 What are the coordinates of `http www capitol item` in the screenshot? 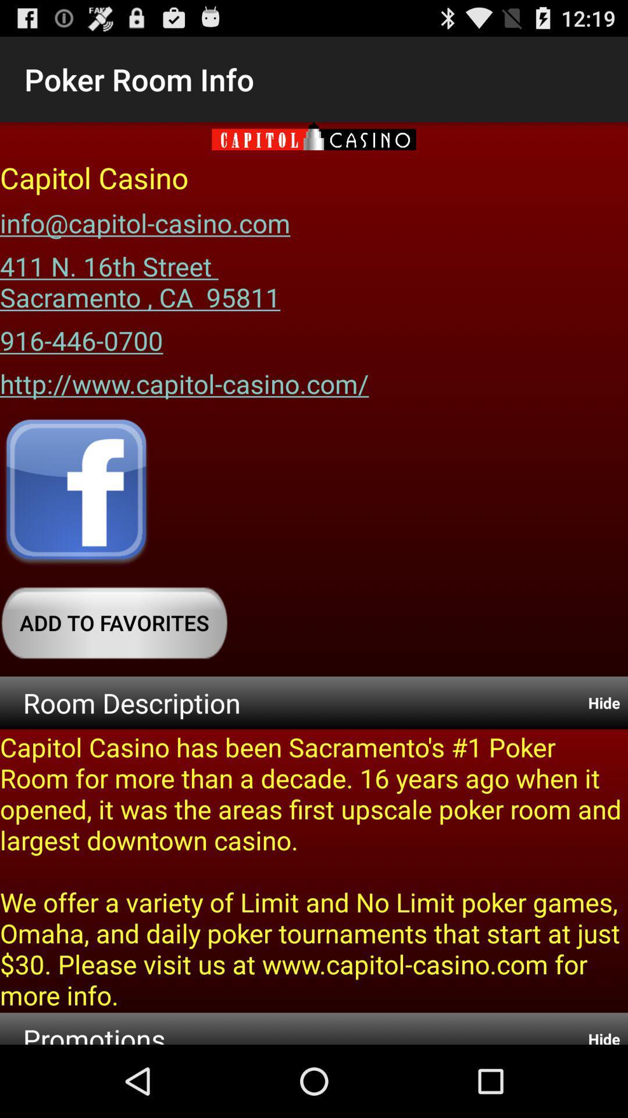 It's located at (184, 380).